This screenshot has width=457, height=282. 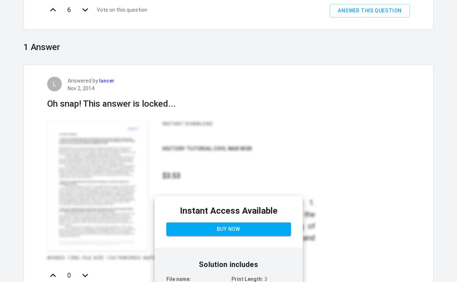 I want to click on 'Instant Access Available', so click(x=228, y=210).